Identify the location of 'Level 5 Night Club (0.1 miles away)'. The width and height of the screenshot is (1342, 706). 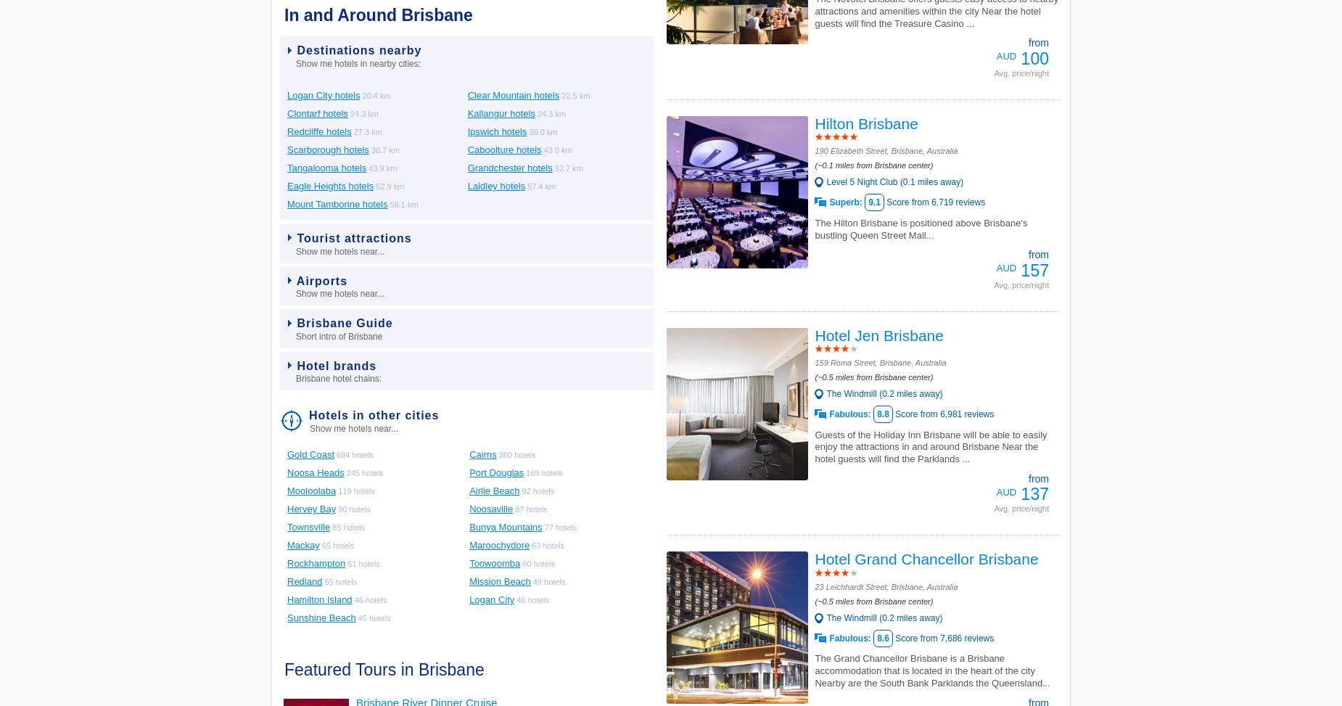
(826, 181).